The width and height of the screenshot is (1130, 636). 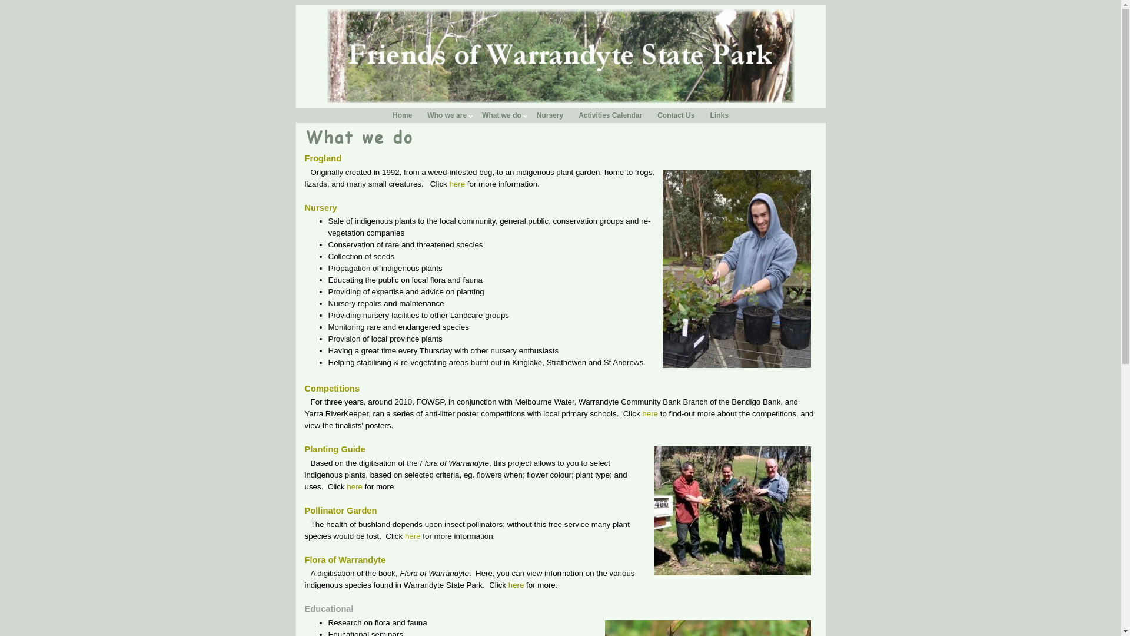 What do you see at coordinates (610, 115) in the screenshot?
I see `'Activities Calendar'` at bounding box center [610, 115].